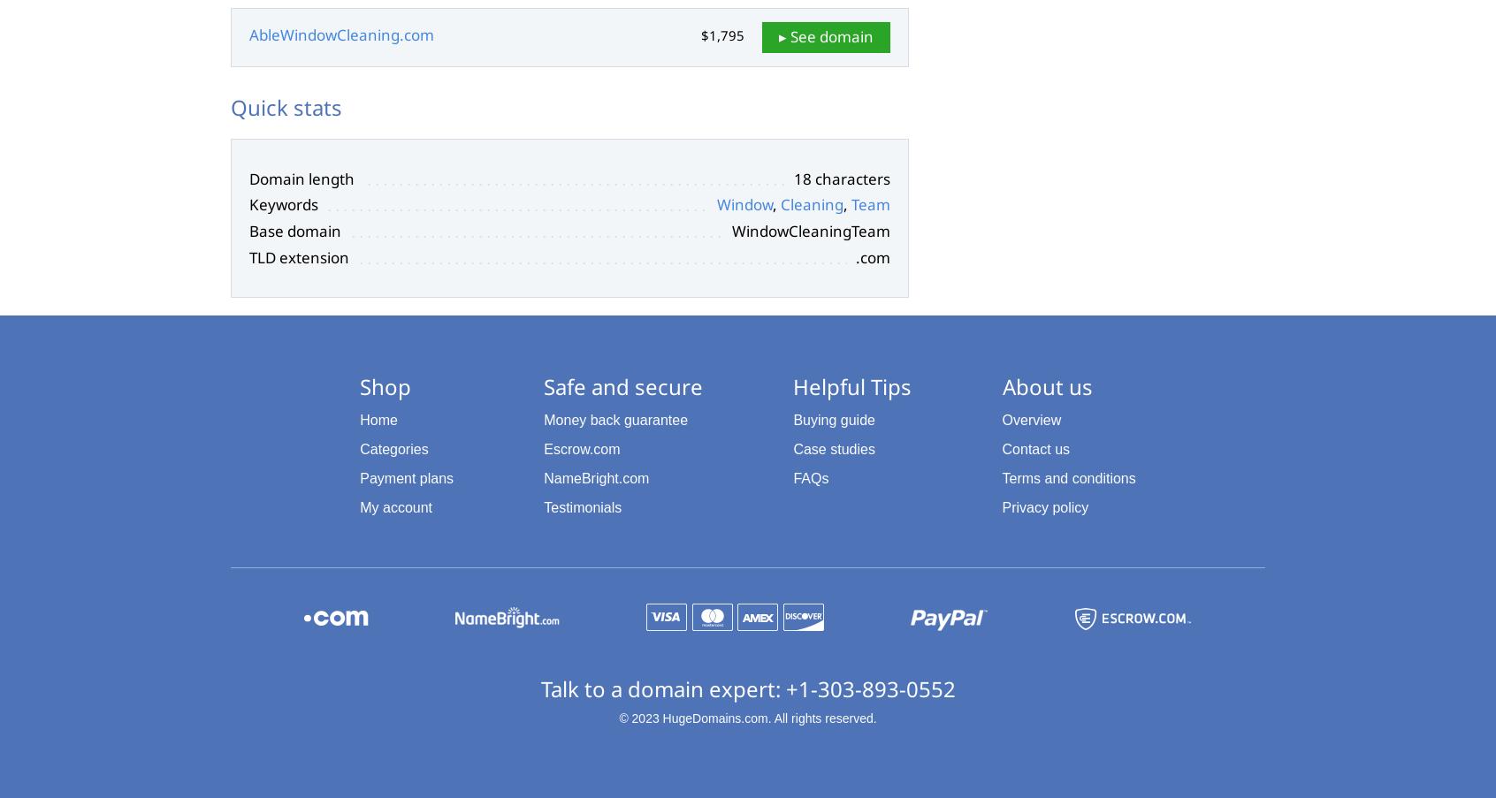  I want to click on 'AbleWindowCleaning.com', so click(341, 34).